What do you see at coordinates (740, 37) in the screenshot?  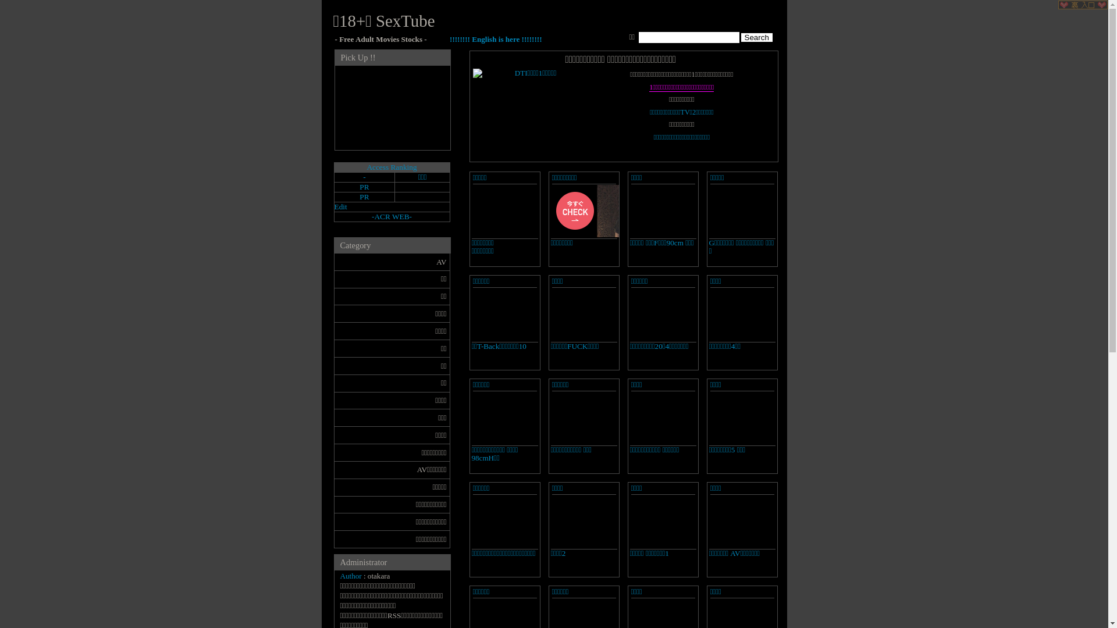 I see `' Search '` at bounding box center [740, 37].